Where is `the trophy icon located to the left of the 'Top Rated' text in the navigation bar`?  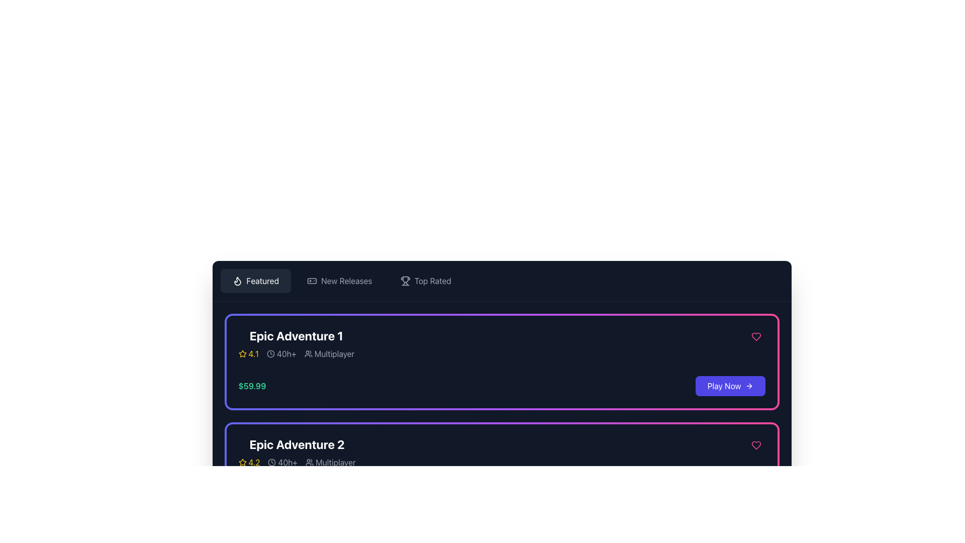
the trophy icon located to the left of the 'Top Rated' text in the navigation bar is located at coordinates (405, 281).